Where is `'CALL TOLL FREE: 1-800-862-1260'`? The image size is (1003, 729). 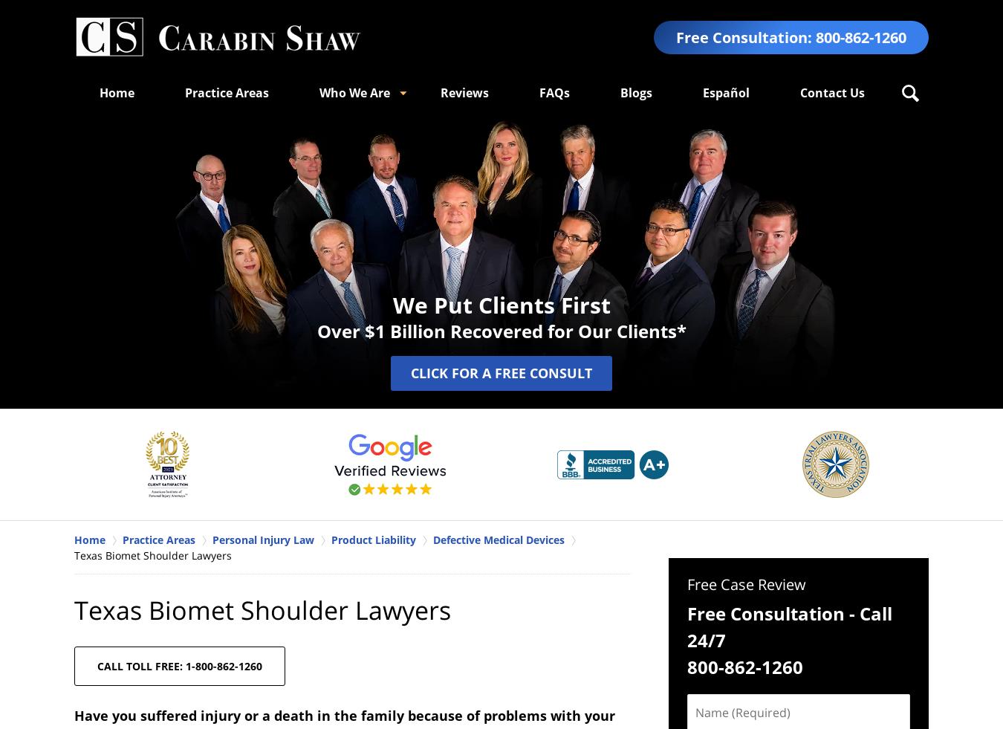
'CALL TOLL FREE: 1-800-862-1260' is located at coordinates (179, 665).